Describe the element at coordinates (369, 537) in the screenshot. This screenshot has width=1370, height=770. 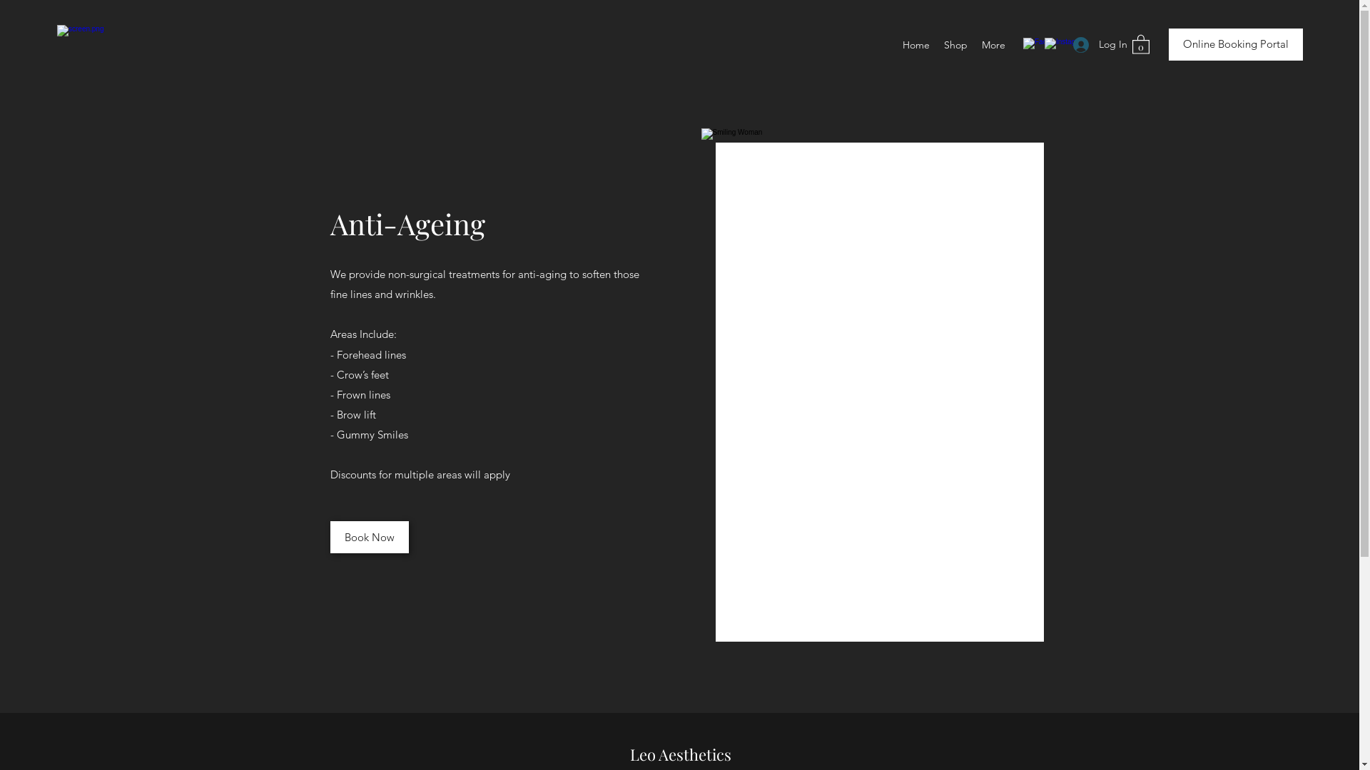
I see `'Book Now'` at that location.